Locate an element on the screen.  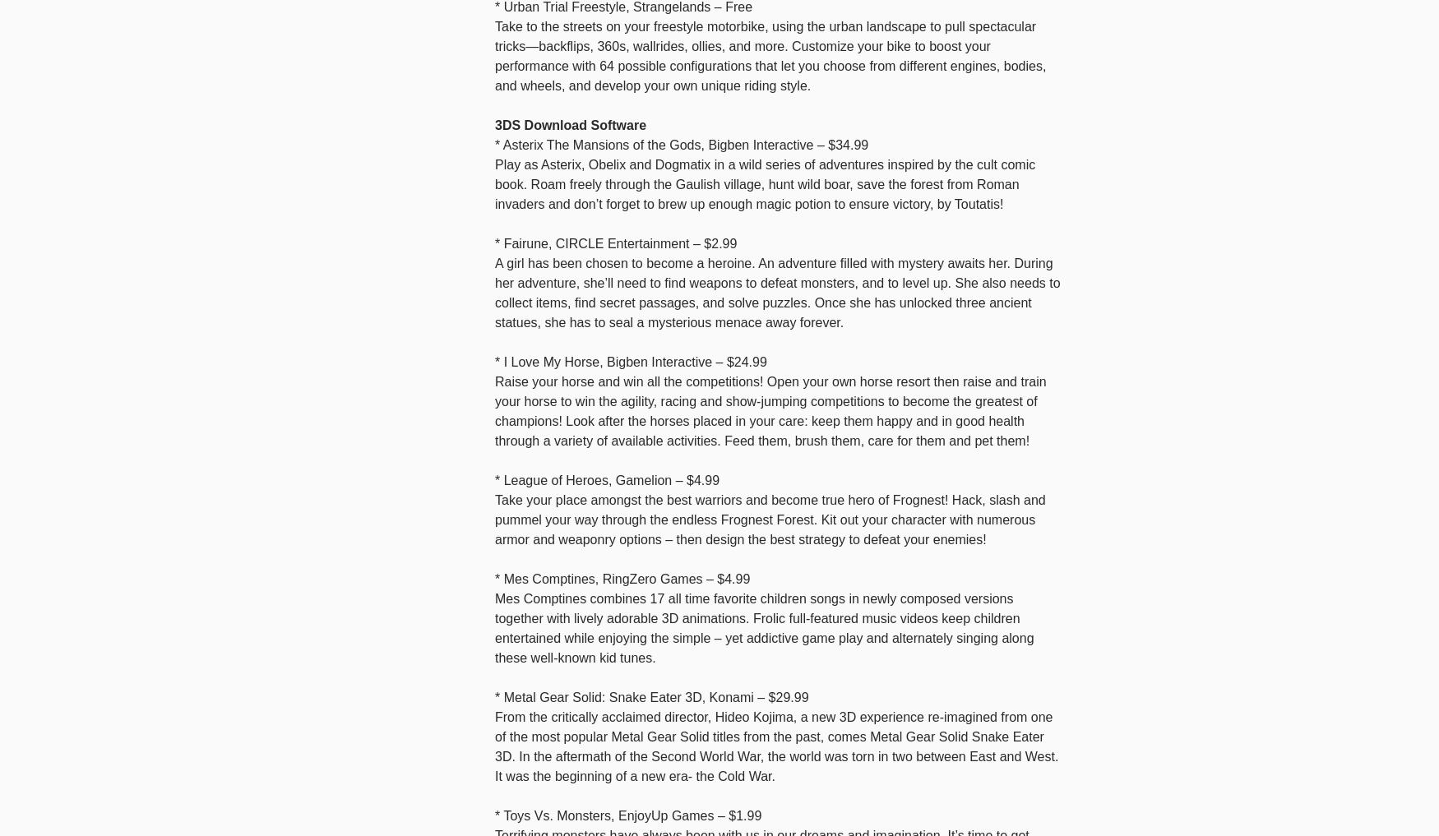
'* League of Heroes, Gamelion – $4.99' is located at coordinates (607, 478).